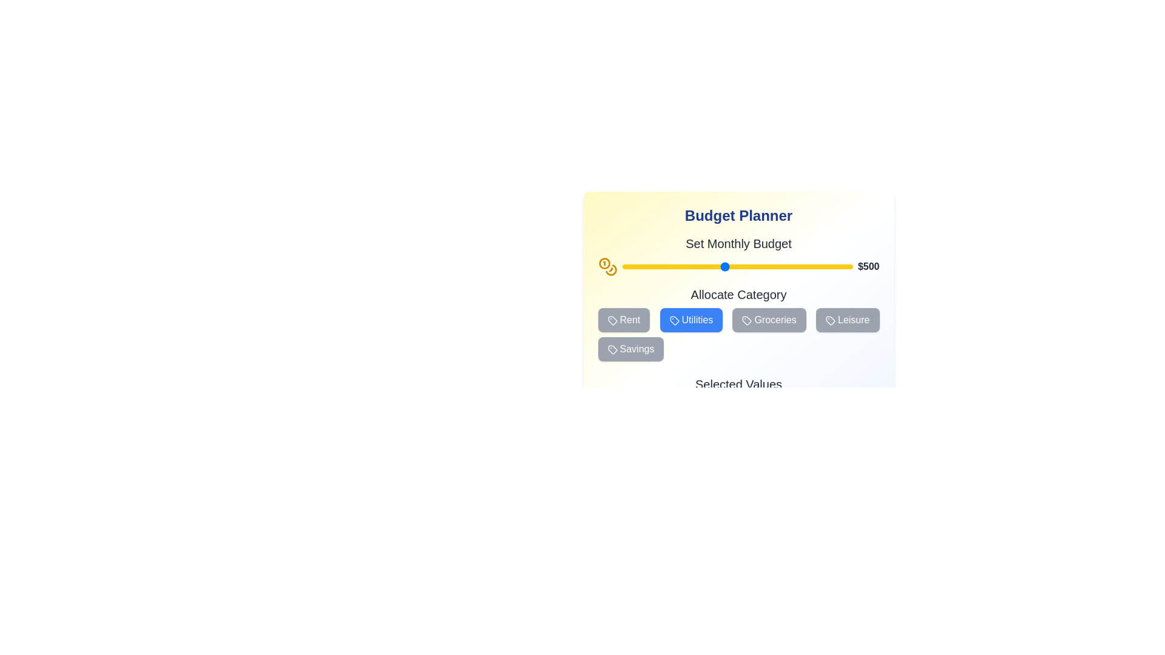 Image resolution: width=1165 pixels, height=655 pixels. Describe the element at coordinates (800, 266) in the screenshot. I see `the budget slider` at that location.